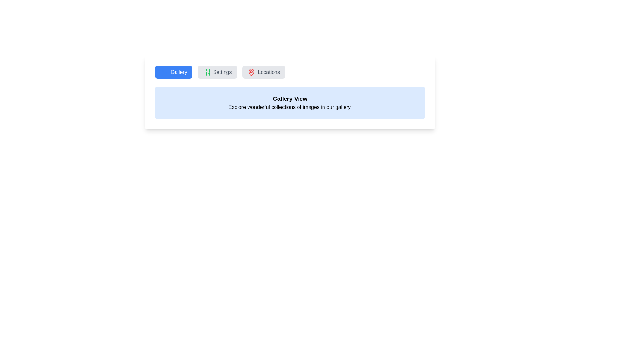 The height and width of the screenshot is (350, 623). I want to click on the Locations tab by clicking its corresponding button, so click(263, 72).